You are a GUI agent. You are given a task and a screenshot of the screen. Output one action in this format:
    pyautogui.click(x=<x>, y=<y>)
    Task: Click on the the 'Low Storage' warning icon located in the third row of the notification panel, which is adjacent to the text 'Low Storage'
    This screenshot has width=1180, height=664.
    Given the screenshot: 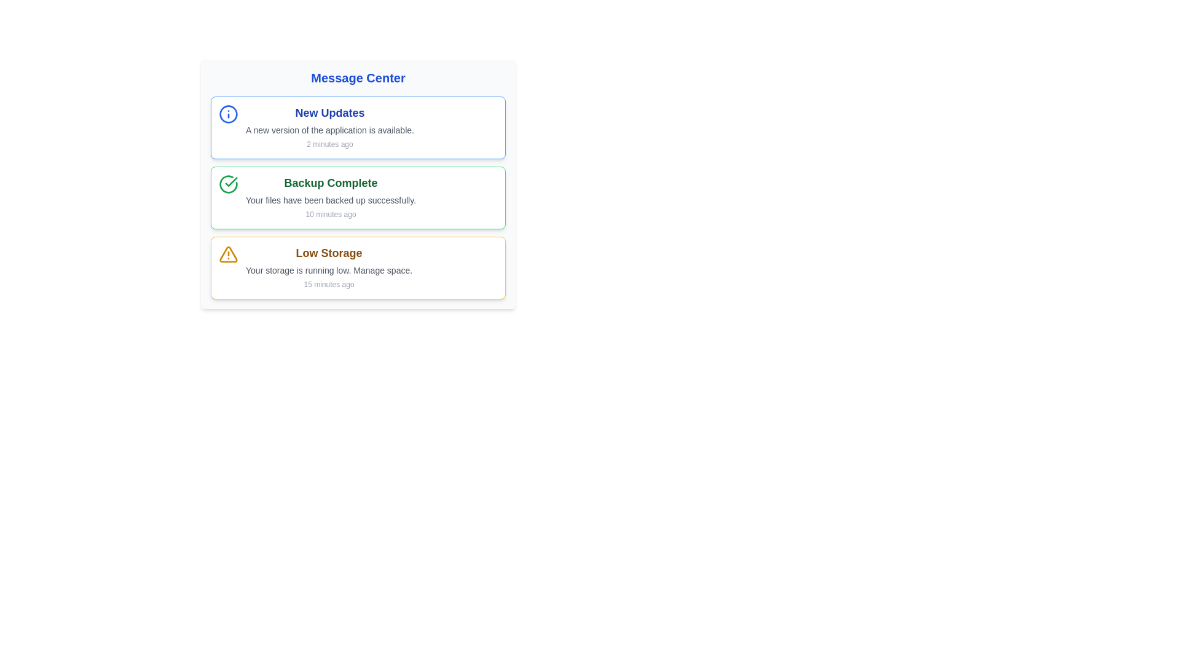 What is the action you would take?
    pyautogui.click(x=229, y=253)
    